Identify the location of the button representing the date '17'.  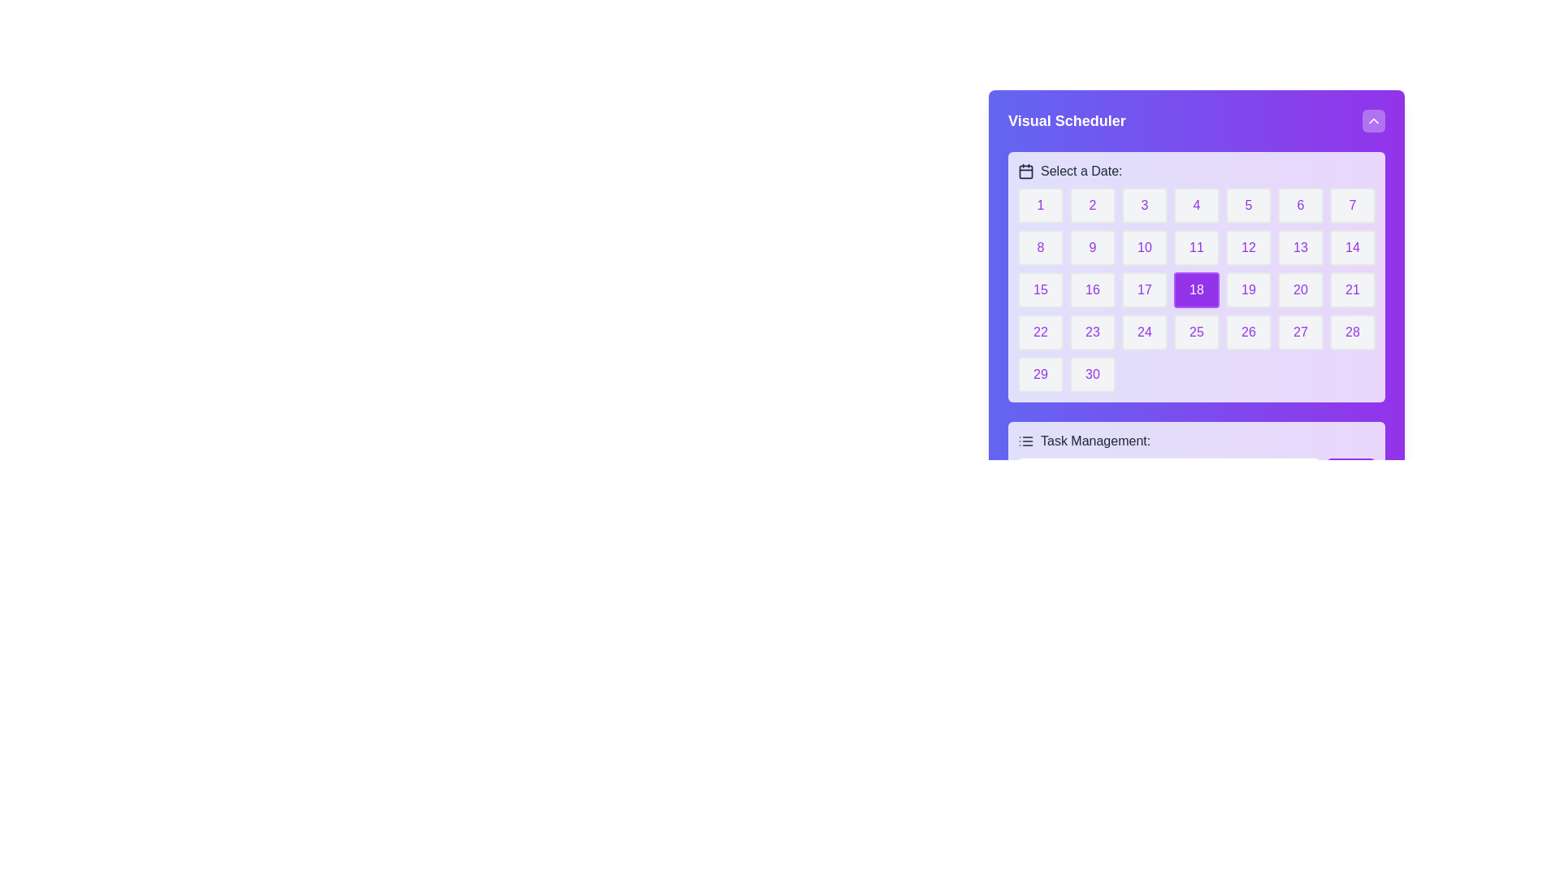
(1144, 289).